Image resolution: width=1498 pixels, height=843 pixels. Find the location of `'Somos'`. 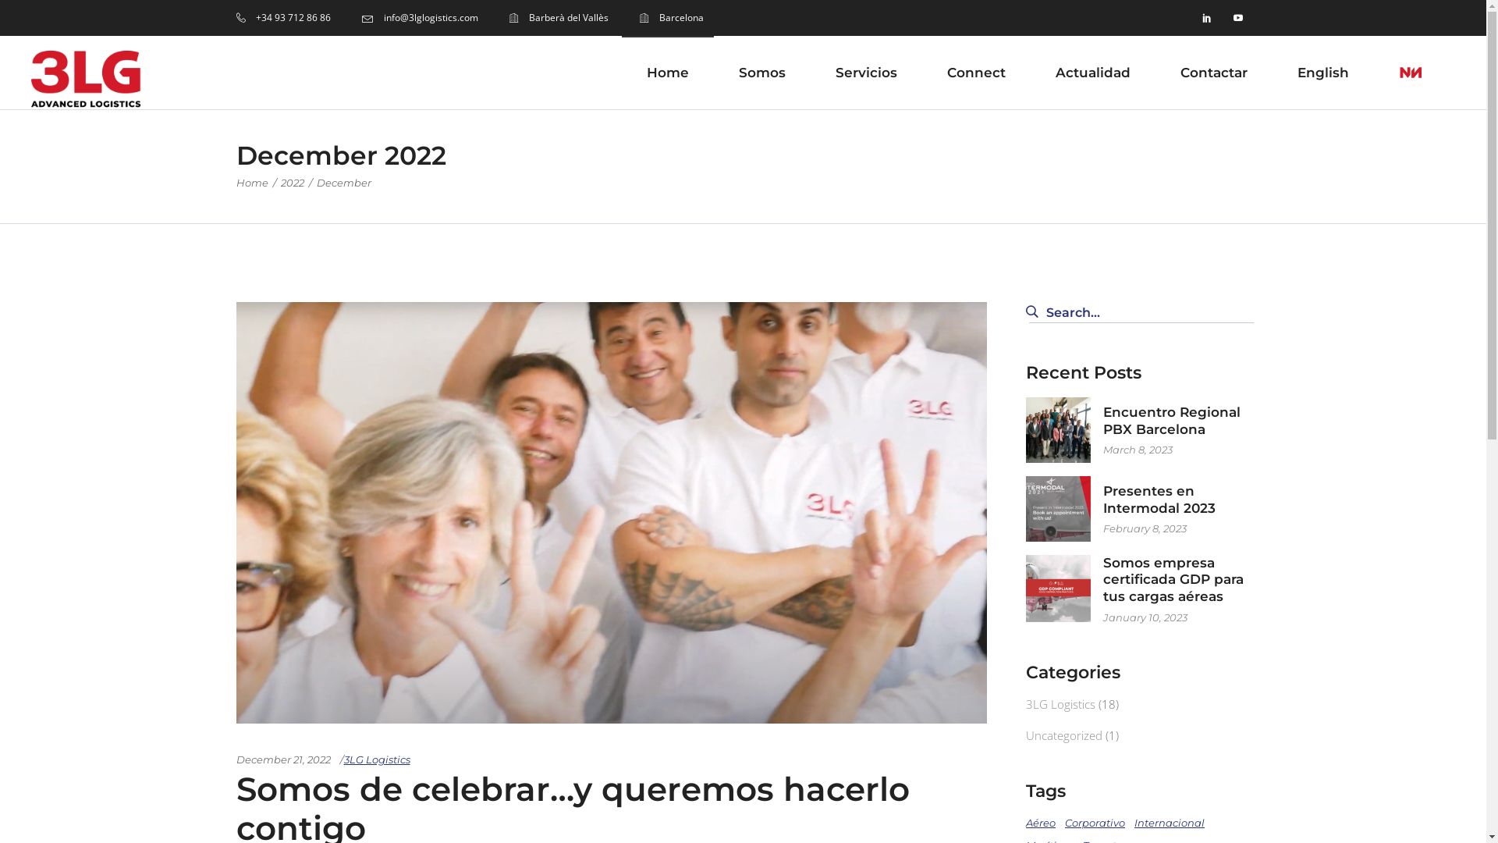

'Somos' is located at coordinates (762, 73).